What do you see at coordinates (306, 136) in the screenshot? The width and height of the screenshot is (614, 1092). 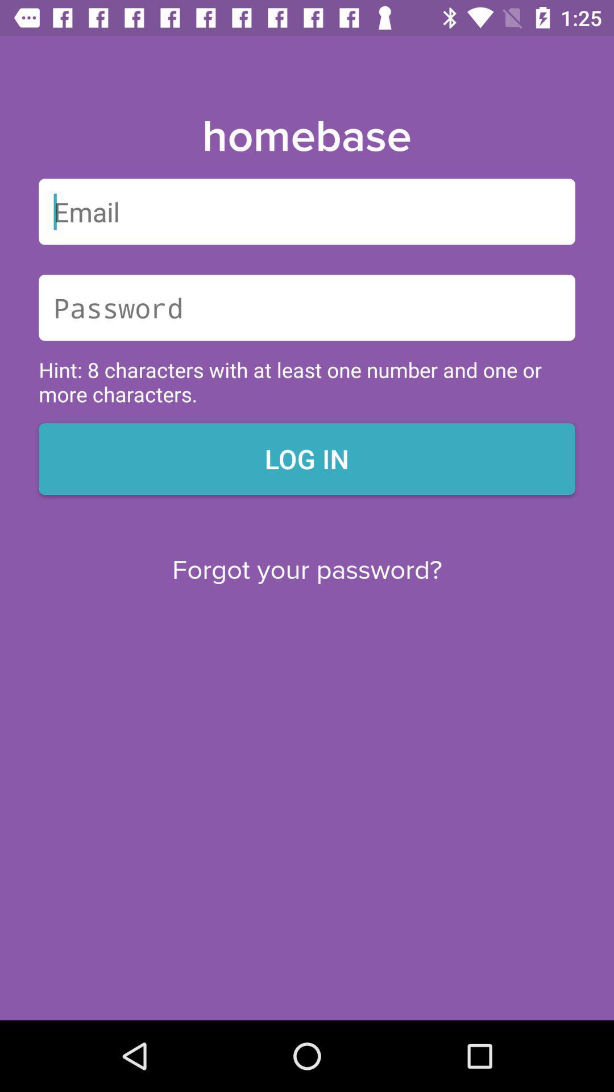 I see `the homebase icon` at bounding box center [306, 136].